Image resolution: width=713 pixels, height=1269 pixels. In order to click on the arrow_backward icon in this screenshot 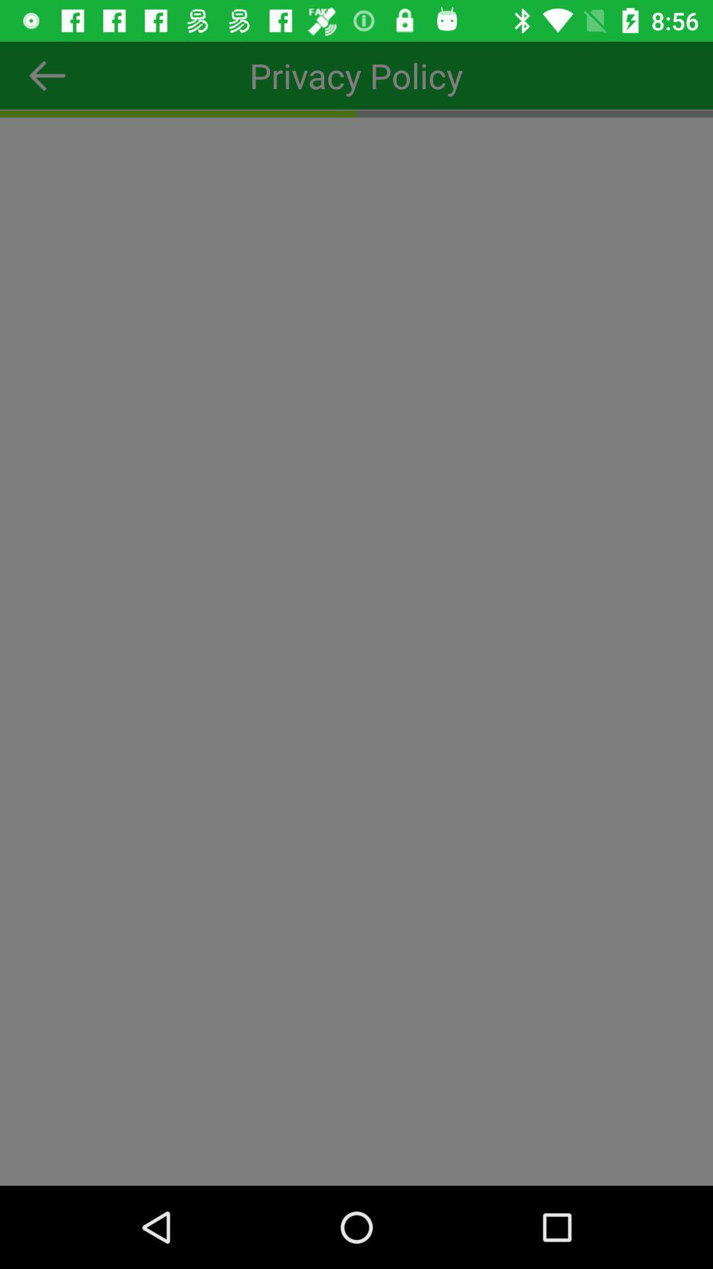, I will do `click(46, 75)`.